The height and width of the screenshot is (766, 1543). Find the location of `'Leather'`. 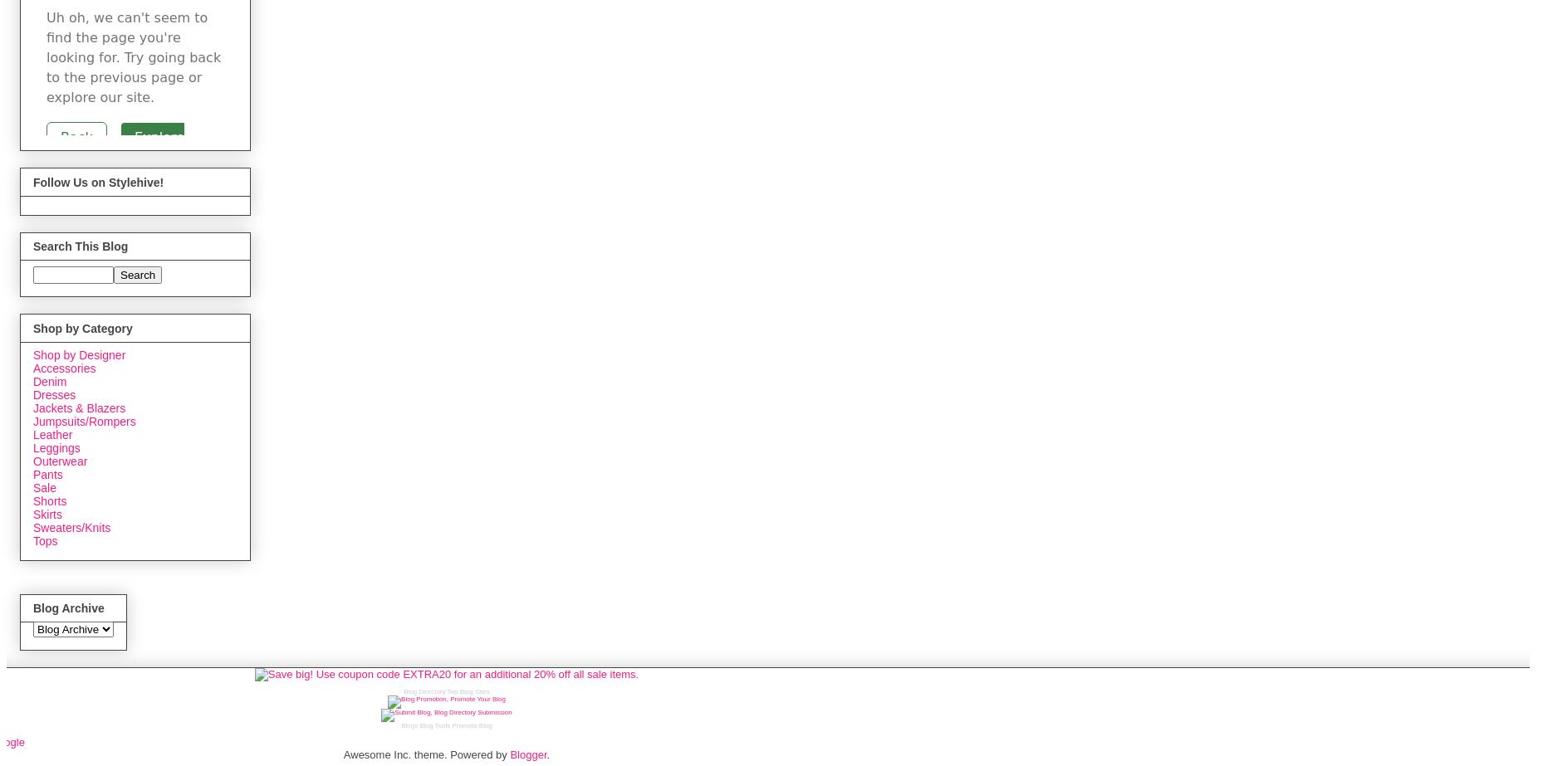

'Leather' is located at coordinates (51, 432).